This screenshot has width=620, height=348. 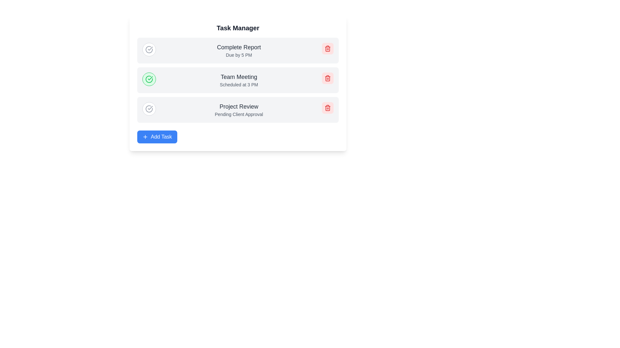 What do you see at coordinates (149, 49) in the screenshot?
I see `the circular checkmark icon located to the left of the 'Complete Report' task entry` at bounding box center [149, 49].